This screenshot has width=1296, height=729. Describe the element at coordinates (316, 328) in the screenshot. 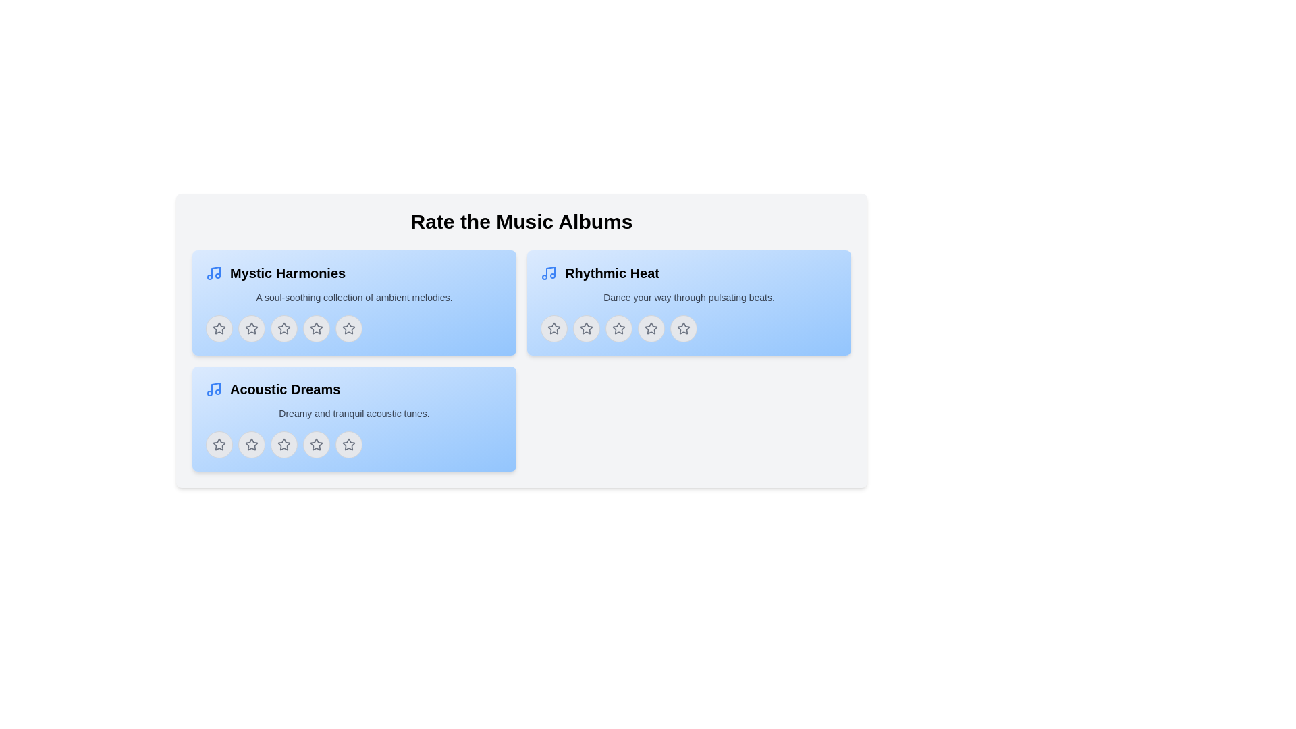

I see `the fourth star icon in the rating row for the 'Mystic Harmonies' album` at that location.